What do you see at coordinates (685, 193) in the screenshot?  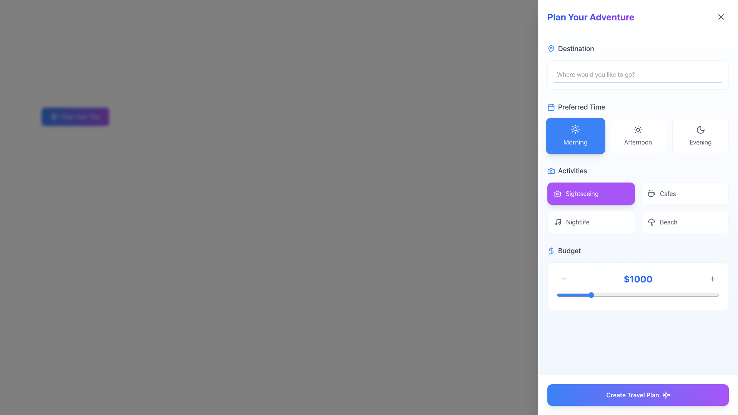 I see `the 'Cafes' button, which is the second item in the horizontally arranged list of activities` at bounding box center [685, 193].